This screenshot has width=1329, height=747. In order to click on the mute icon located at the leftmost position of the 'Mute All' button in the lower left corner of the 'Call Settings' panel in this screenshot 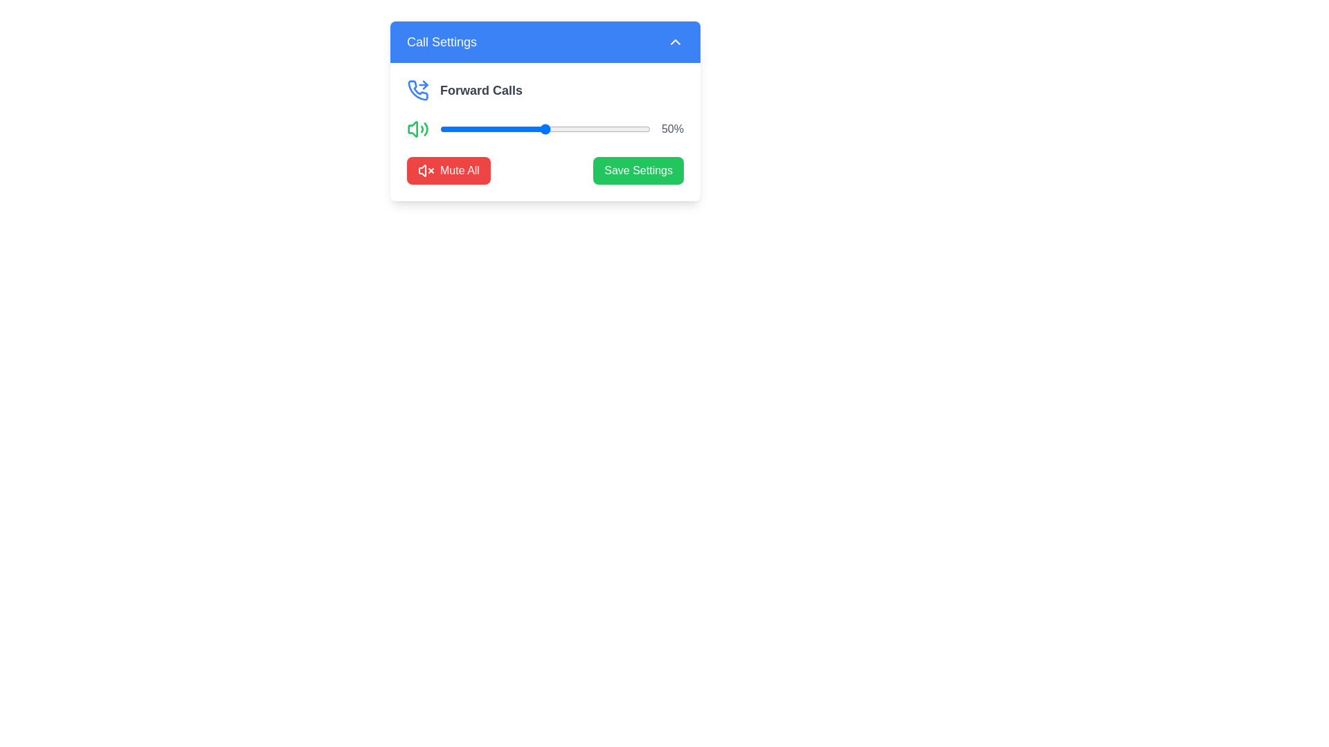, I will do `click(425, 169)`.